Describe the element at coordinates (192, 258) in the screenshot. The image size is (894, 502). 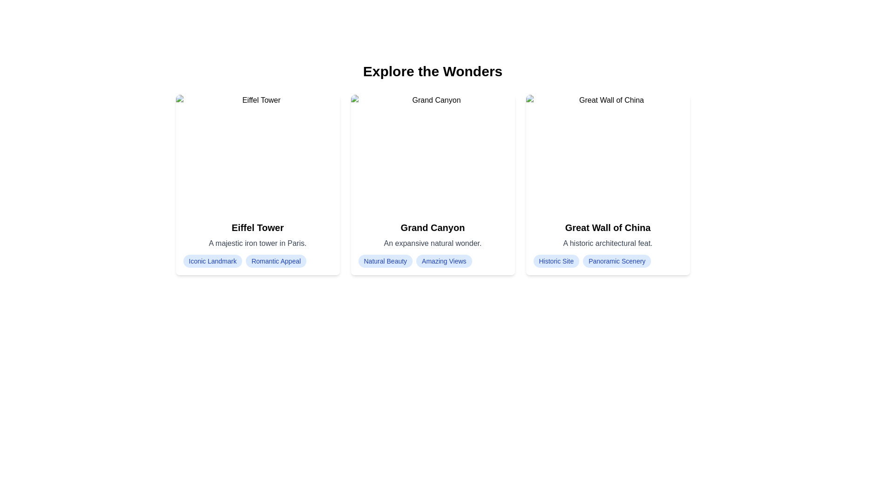
I see `the first circular icon at the bottom edge of the 'Eiffel Tower' card` at that location.